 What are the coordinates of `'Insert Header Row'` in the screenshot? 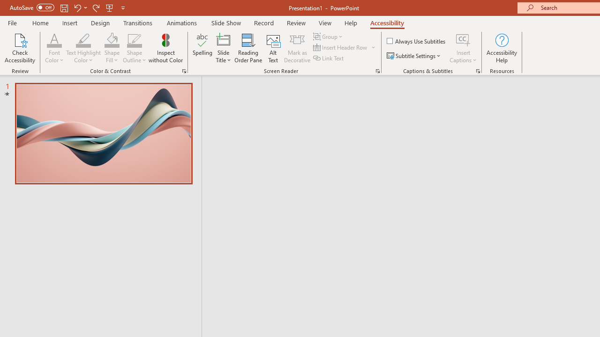 It's located at (340, 47).